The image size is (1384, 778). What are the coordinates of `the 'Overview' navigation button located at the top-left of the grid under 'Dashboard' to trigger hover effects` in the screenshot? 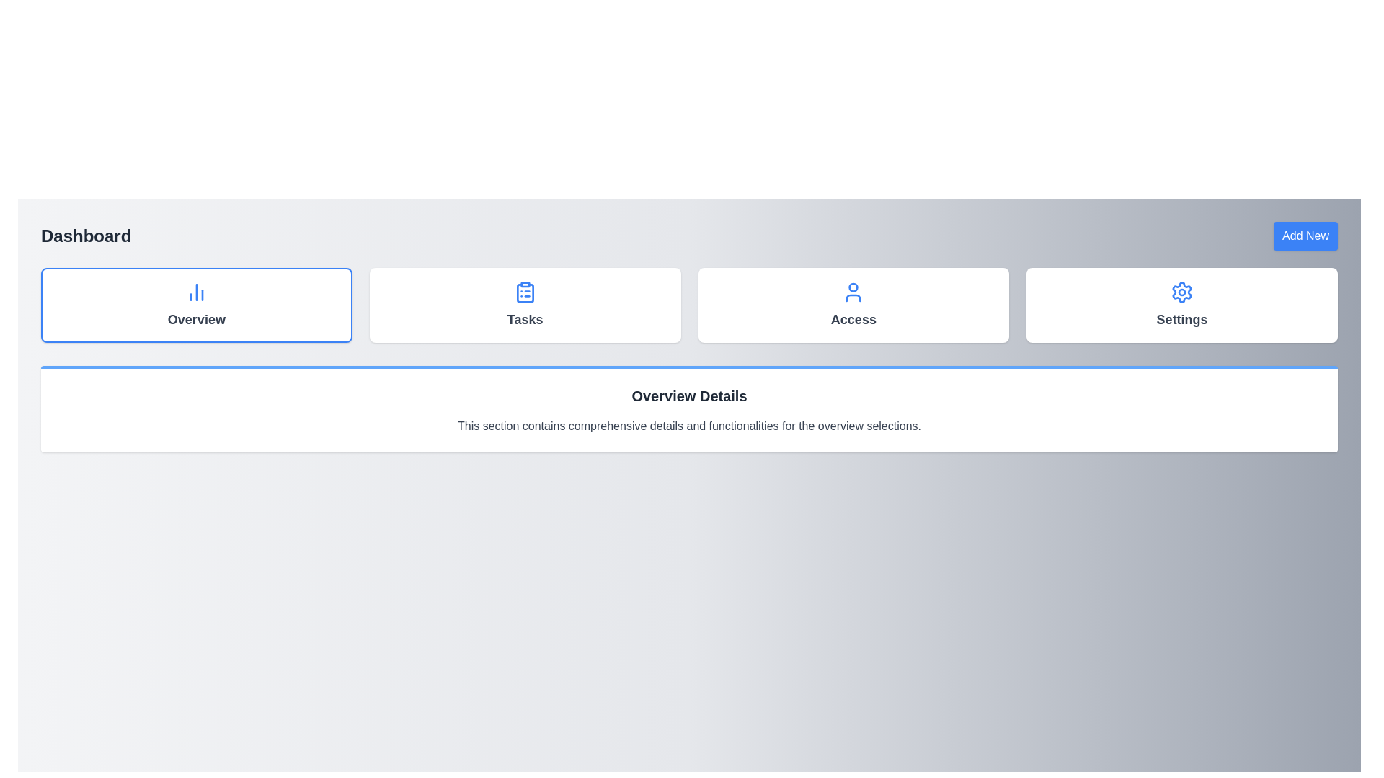 It's located at (195, 305).